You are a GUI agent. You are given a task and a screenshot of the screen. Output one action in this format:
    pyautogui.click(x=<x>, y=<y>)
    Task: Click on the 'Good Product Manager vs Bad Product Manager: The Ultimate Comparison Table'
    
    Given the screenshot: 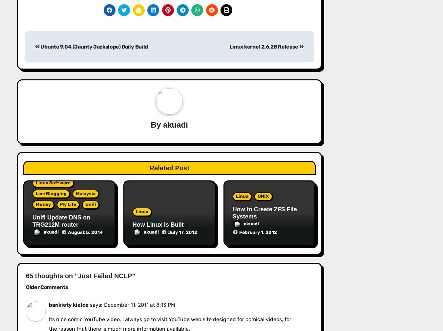 What is the action you would take?
    pyautogui.click(x=271, y=203)
    